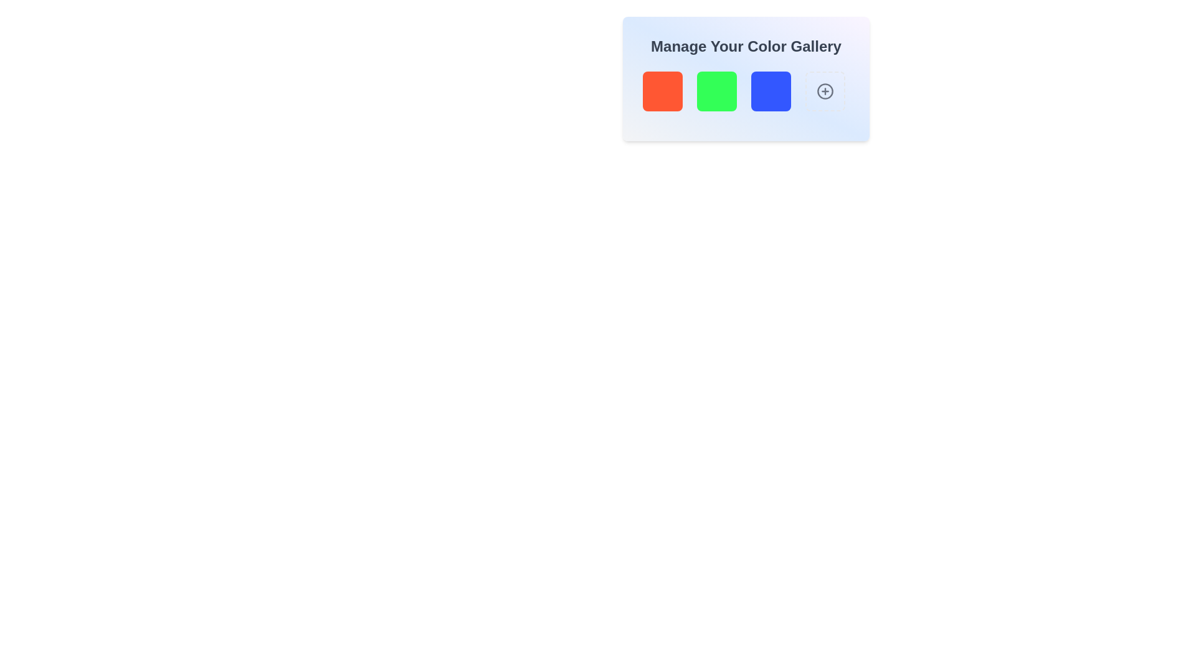 The height and width of the screenshot is (672, 1196). Describe the element at coordinates (717, 90) in the screenshot. I see `the second square button in the color gallery interface to trigger a tooltip or visual change` at that location.